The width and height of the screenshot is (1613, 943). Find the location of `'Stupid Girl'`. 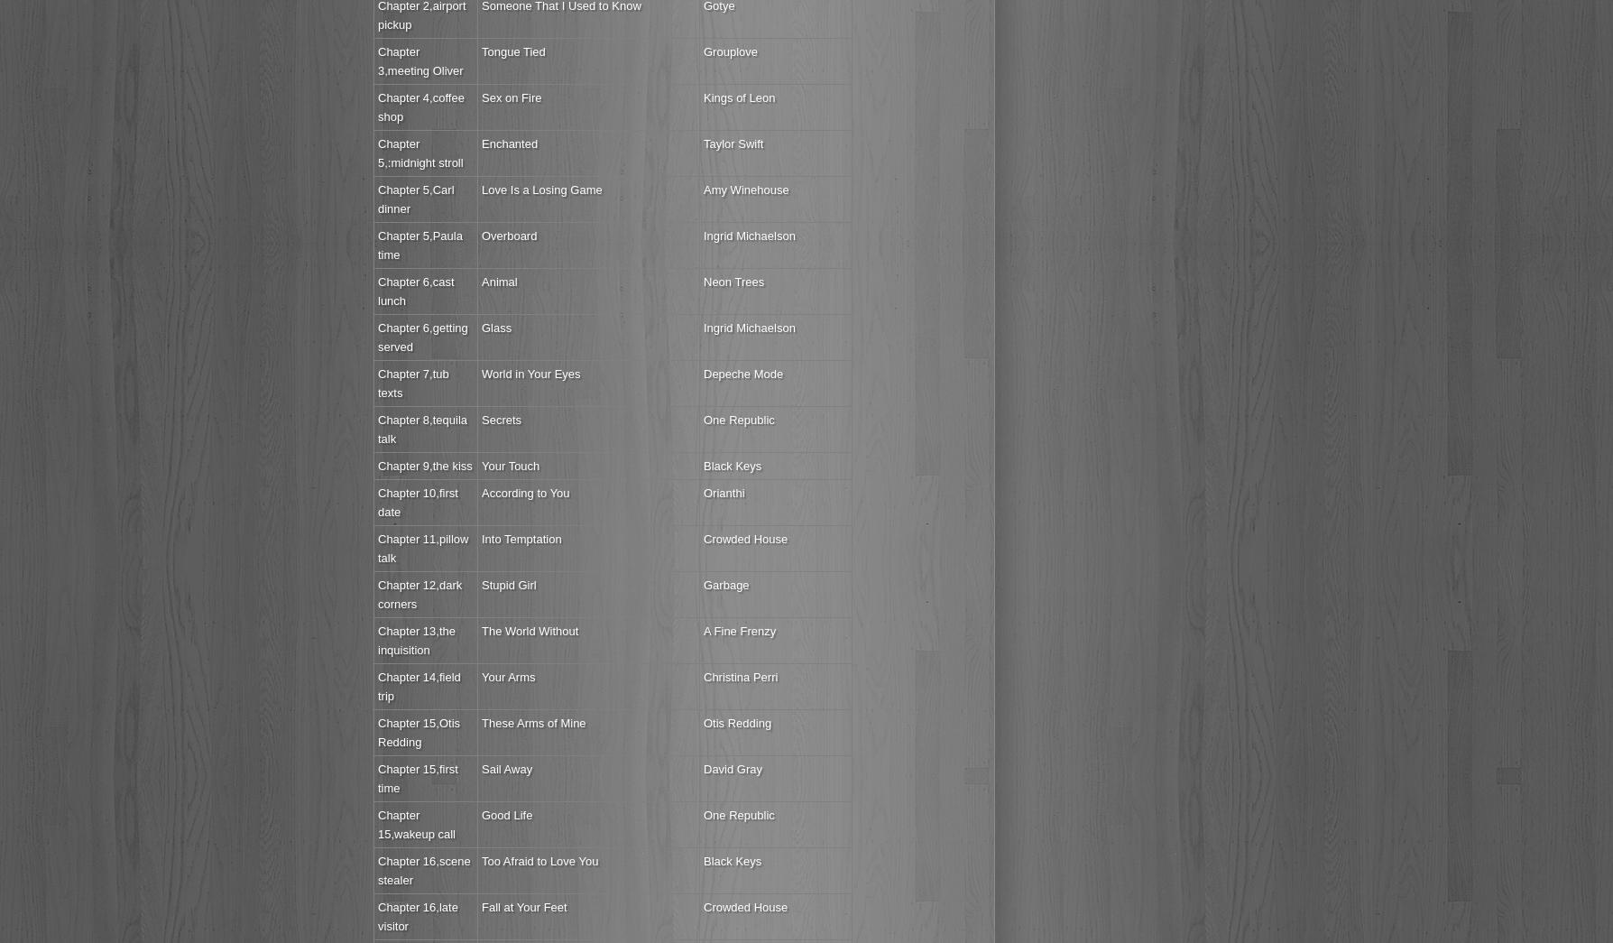

'Stupid Girl' is located at coordinates (508, 585).